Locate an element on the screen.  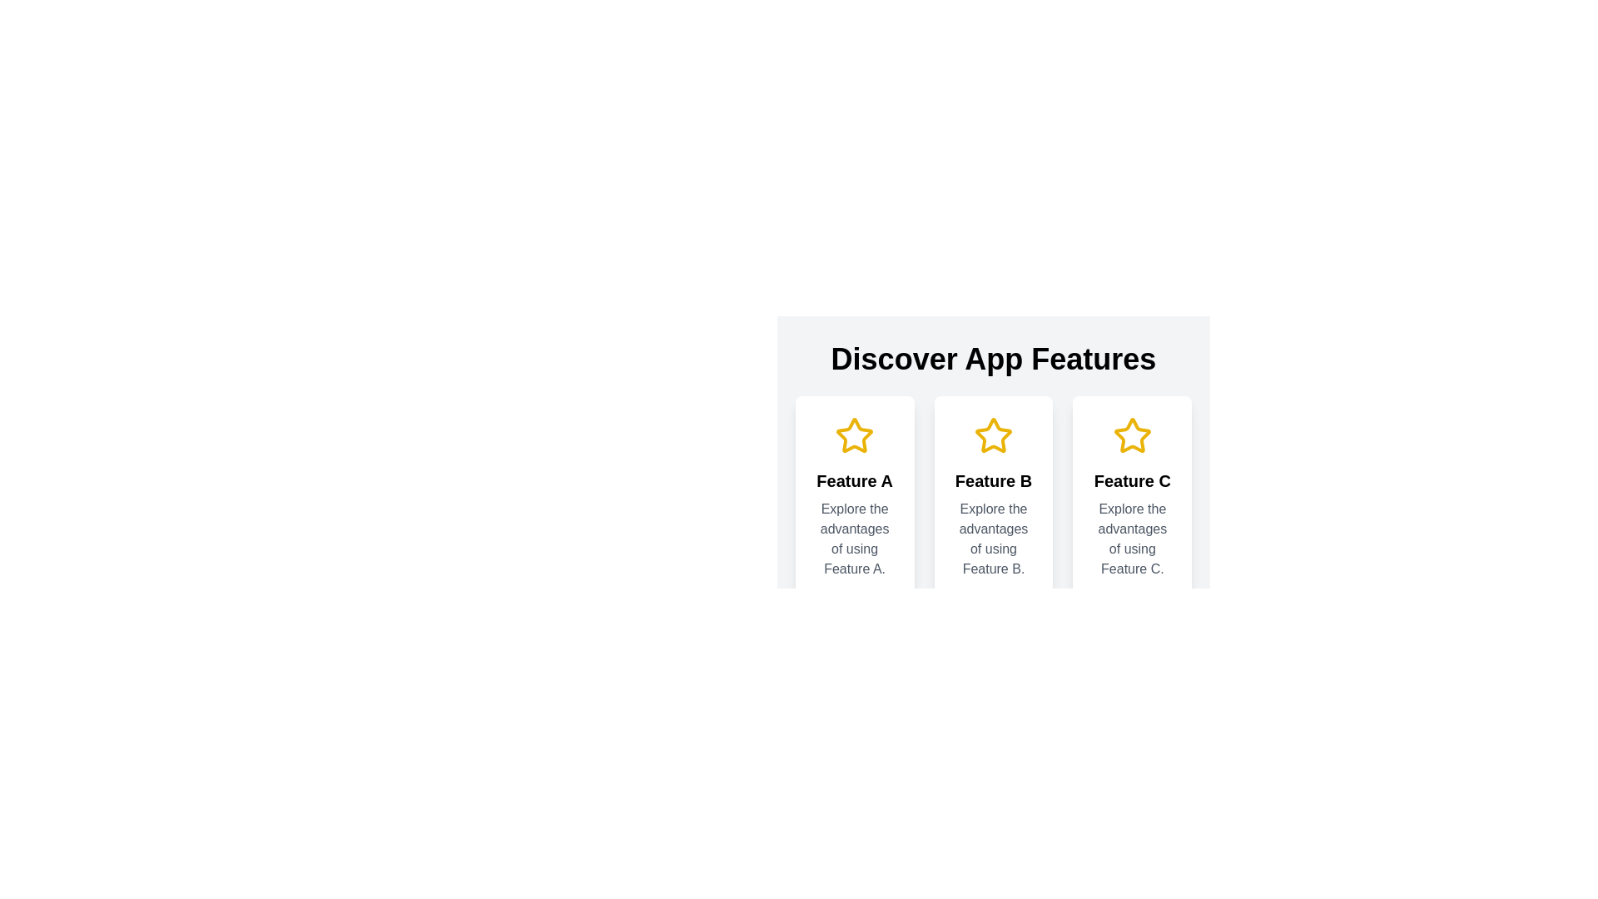
the Info card that presents details about 'Feature A', which is the first element in a horizontally aligned group of three similar elements, located on the far left is located at coordinates (855, 496).